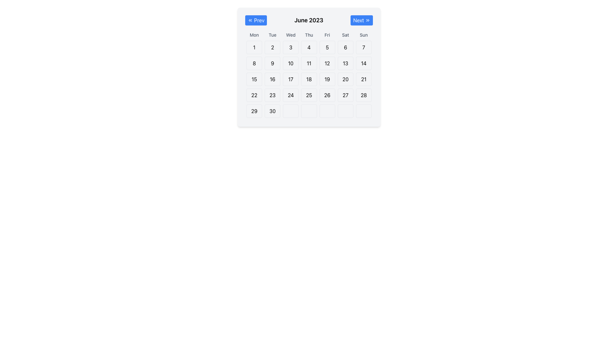  Describe the element at coordinates (254, 95) in the screenshot. I see `the interactive calendar date cell displaying the number '22'` at that location.